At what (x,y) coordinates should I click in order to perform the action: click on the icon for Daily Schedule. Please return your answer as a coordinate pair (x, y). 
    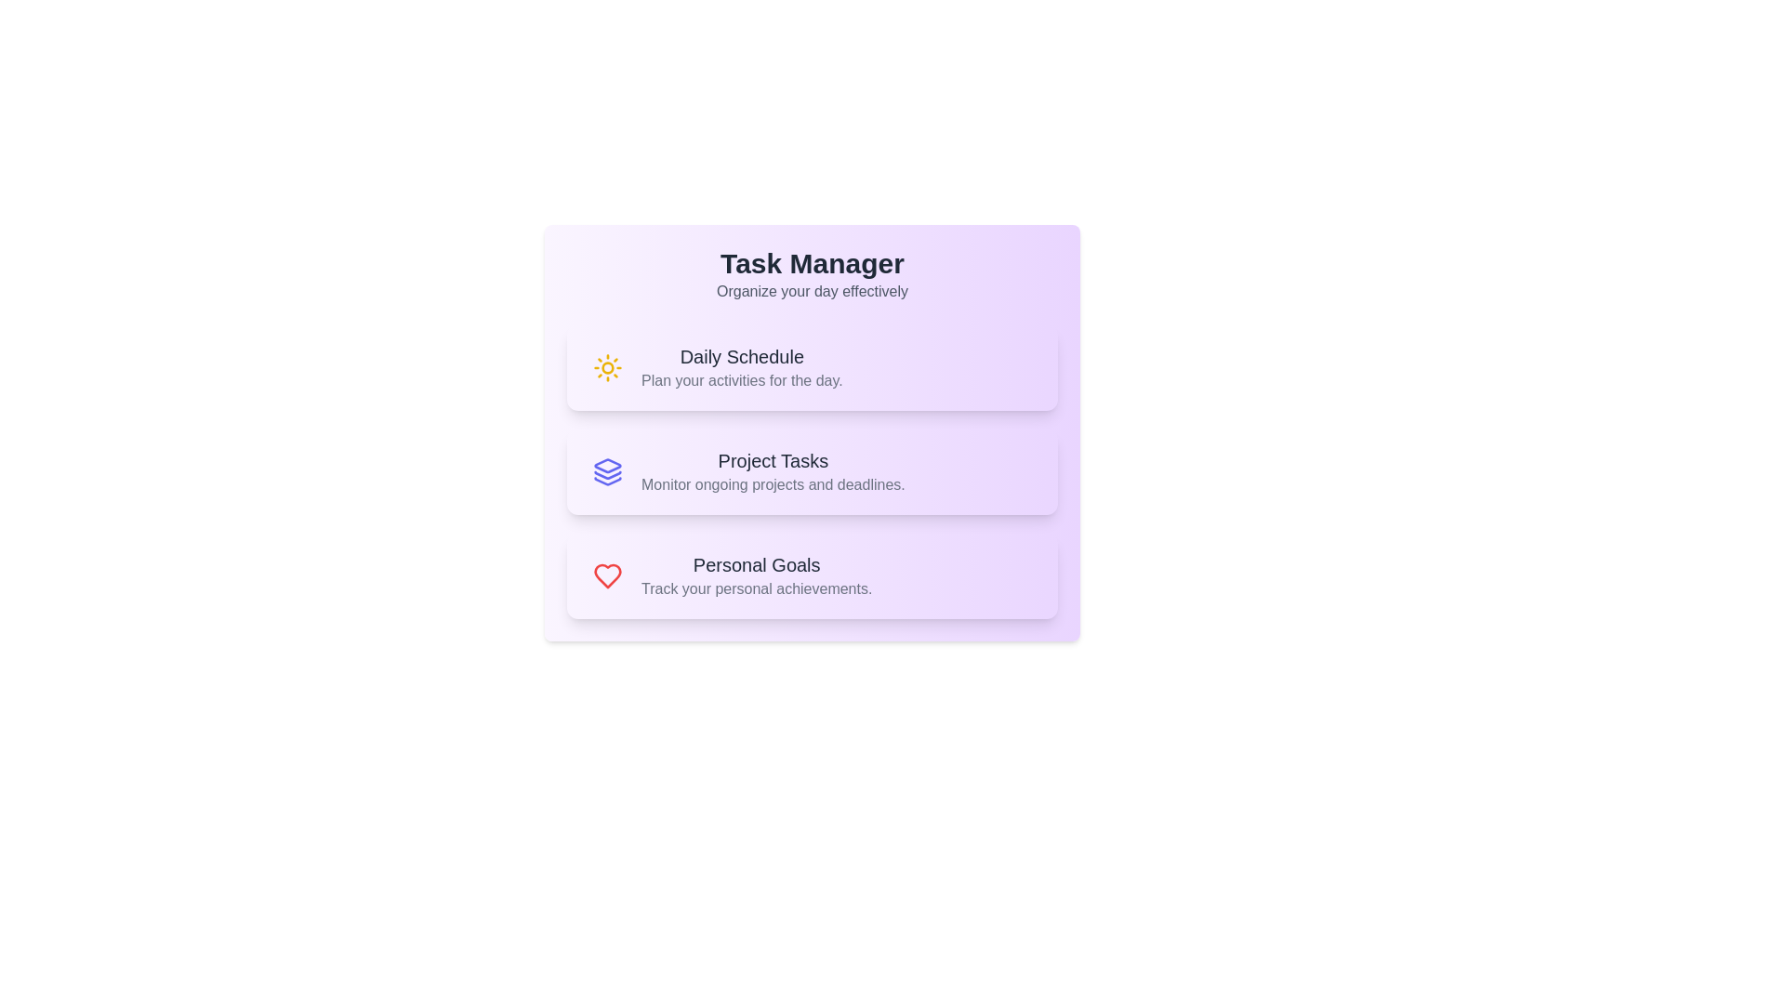
    Looking at the image, I should click on (607, 368).